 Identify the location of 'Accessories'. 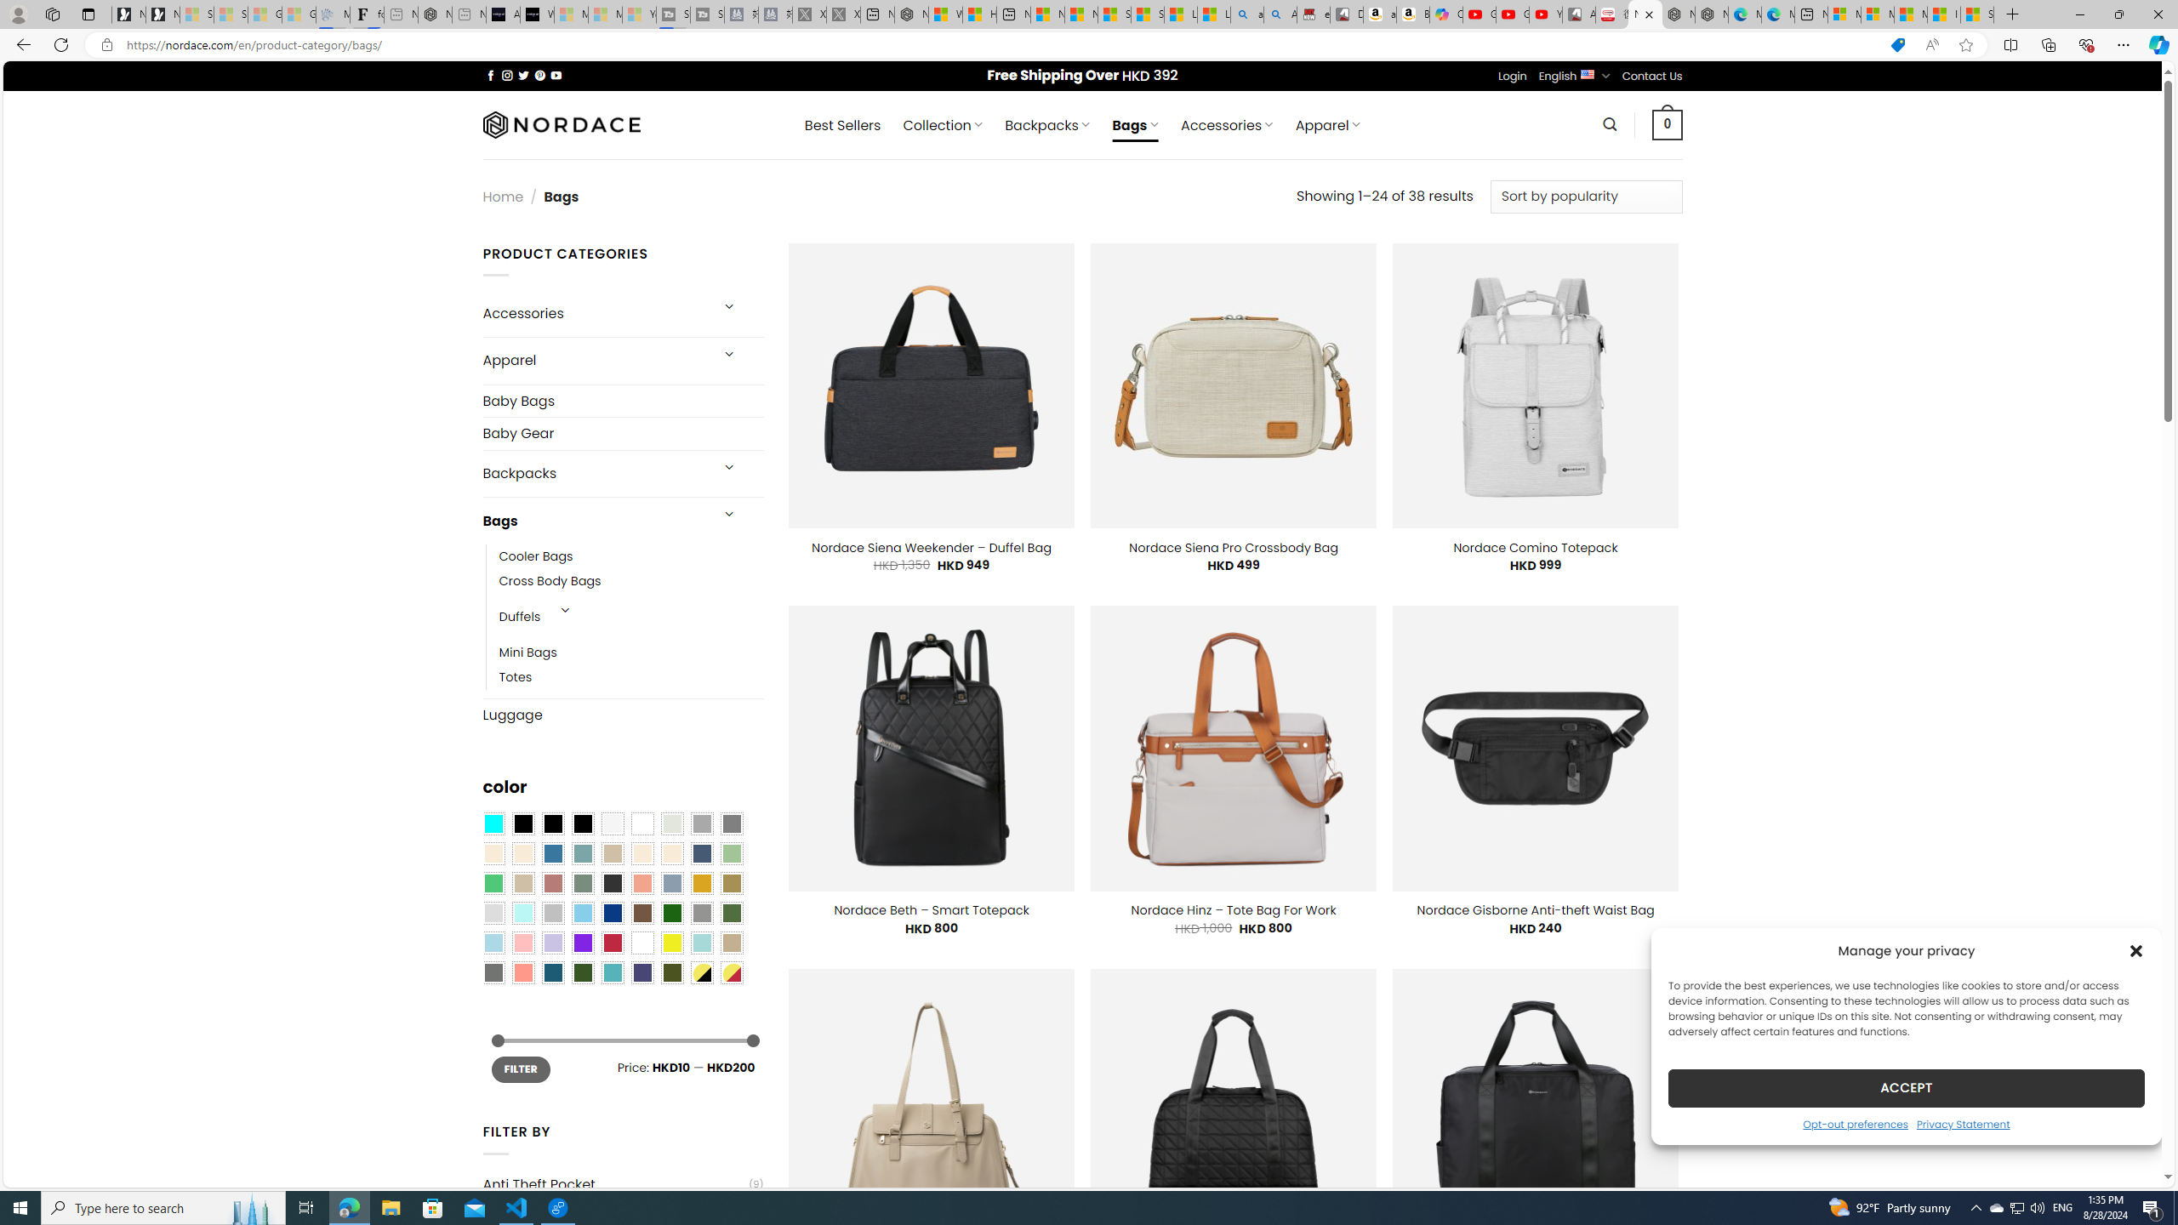
(593, 312).